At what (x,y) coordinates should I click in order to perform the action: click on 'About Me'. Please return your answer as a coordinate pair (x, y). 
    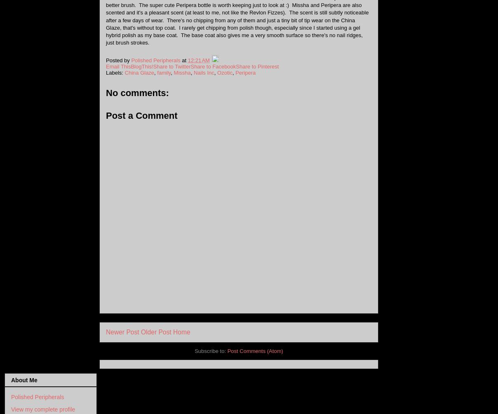
    Looking at the image, I should click on (23, 379).